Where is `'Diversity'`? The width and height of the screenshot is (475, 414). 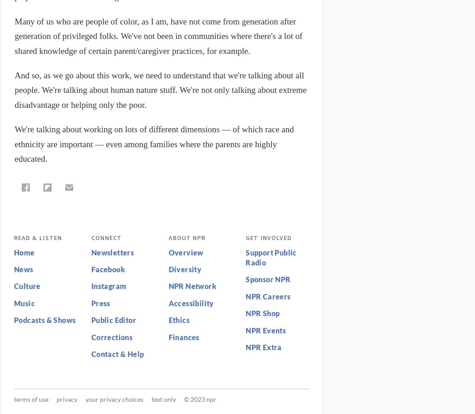 'Diversity' is located at coordinates (185, 269).